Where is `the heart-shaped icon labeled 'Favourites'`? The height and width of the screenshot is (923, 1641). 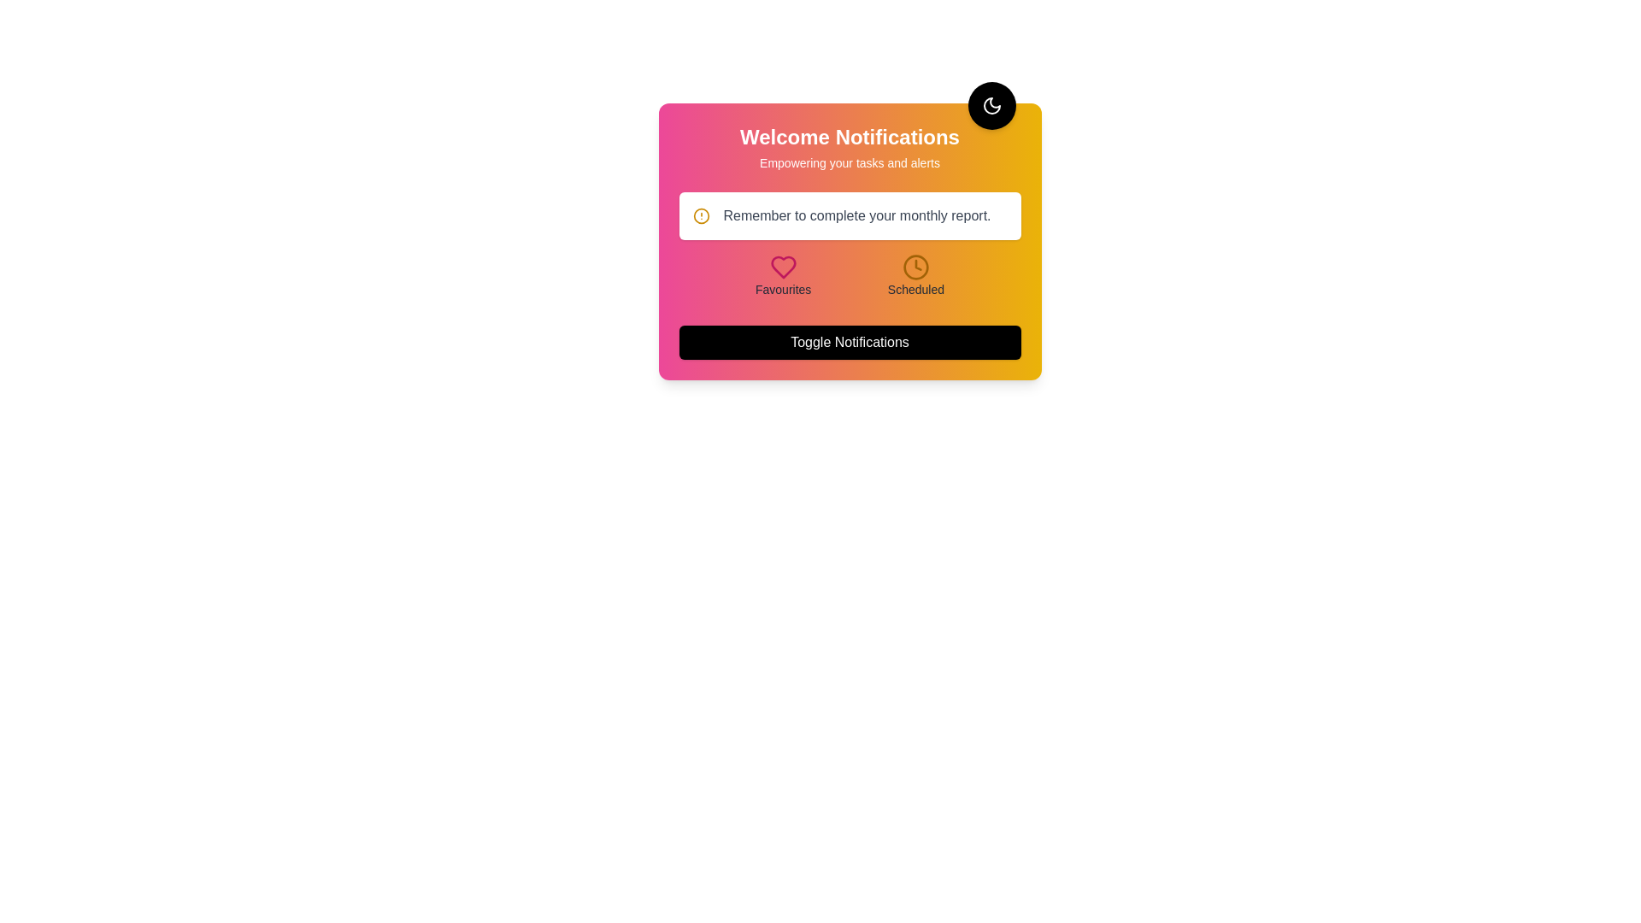
the heart-shaped icon labeled 'Favourites' is located at coordinates (782, 275).